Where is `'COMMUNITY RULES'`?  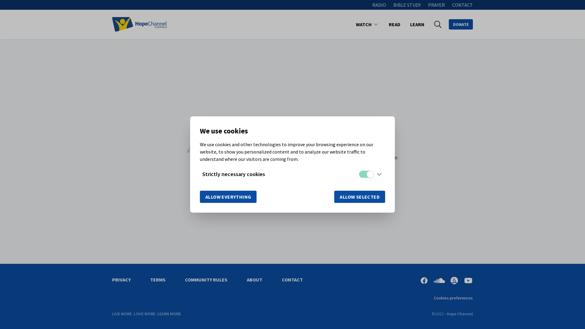
'COMMUNITY RULES' is located at coordinates (206, 280).